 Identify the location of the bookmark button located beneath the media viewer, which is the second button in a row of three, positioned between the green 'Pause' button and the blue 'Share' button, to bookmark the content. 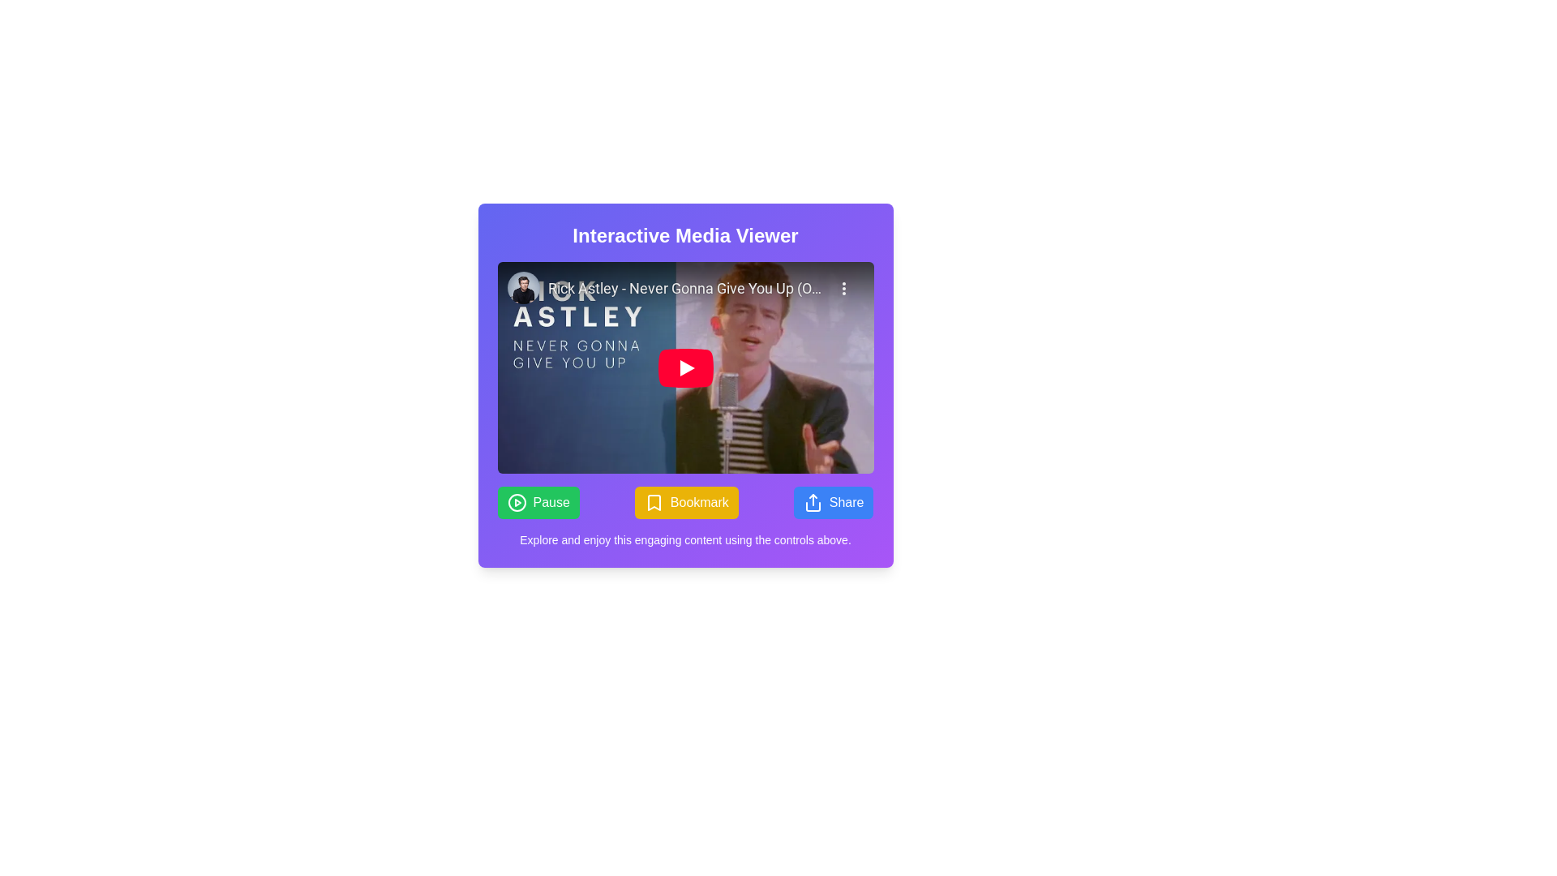
(686, 502).